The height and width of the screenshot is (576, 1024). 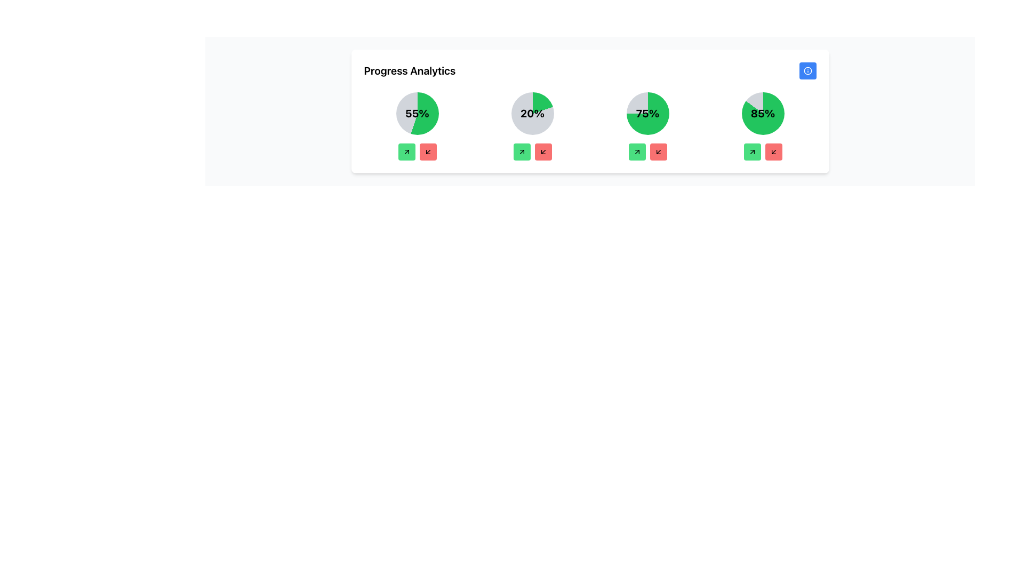 I want to click on the down-left arrow icon contained within the red square button located below the '55%' progress chart in the 'Progress Analytics' section, so click(x=428, y=152).